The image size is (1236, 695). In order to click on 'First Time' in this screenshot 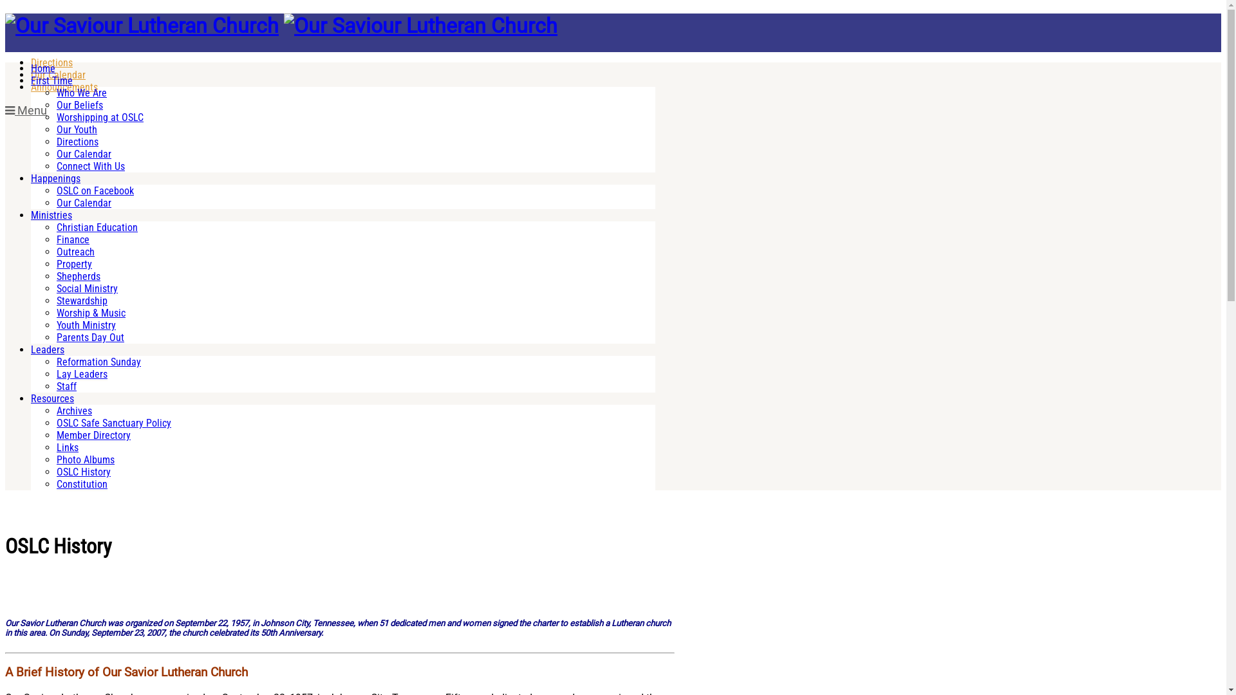, I will do `click(31, 80)`.